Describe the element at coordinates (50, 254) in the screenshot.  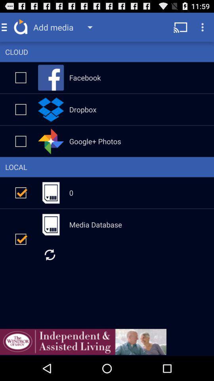
I see `rotate app` at that location.